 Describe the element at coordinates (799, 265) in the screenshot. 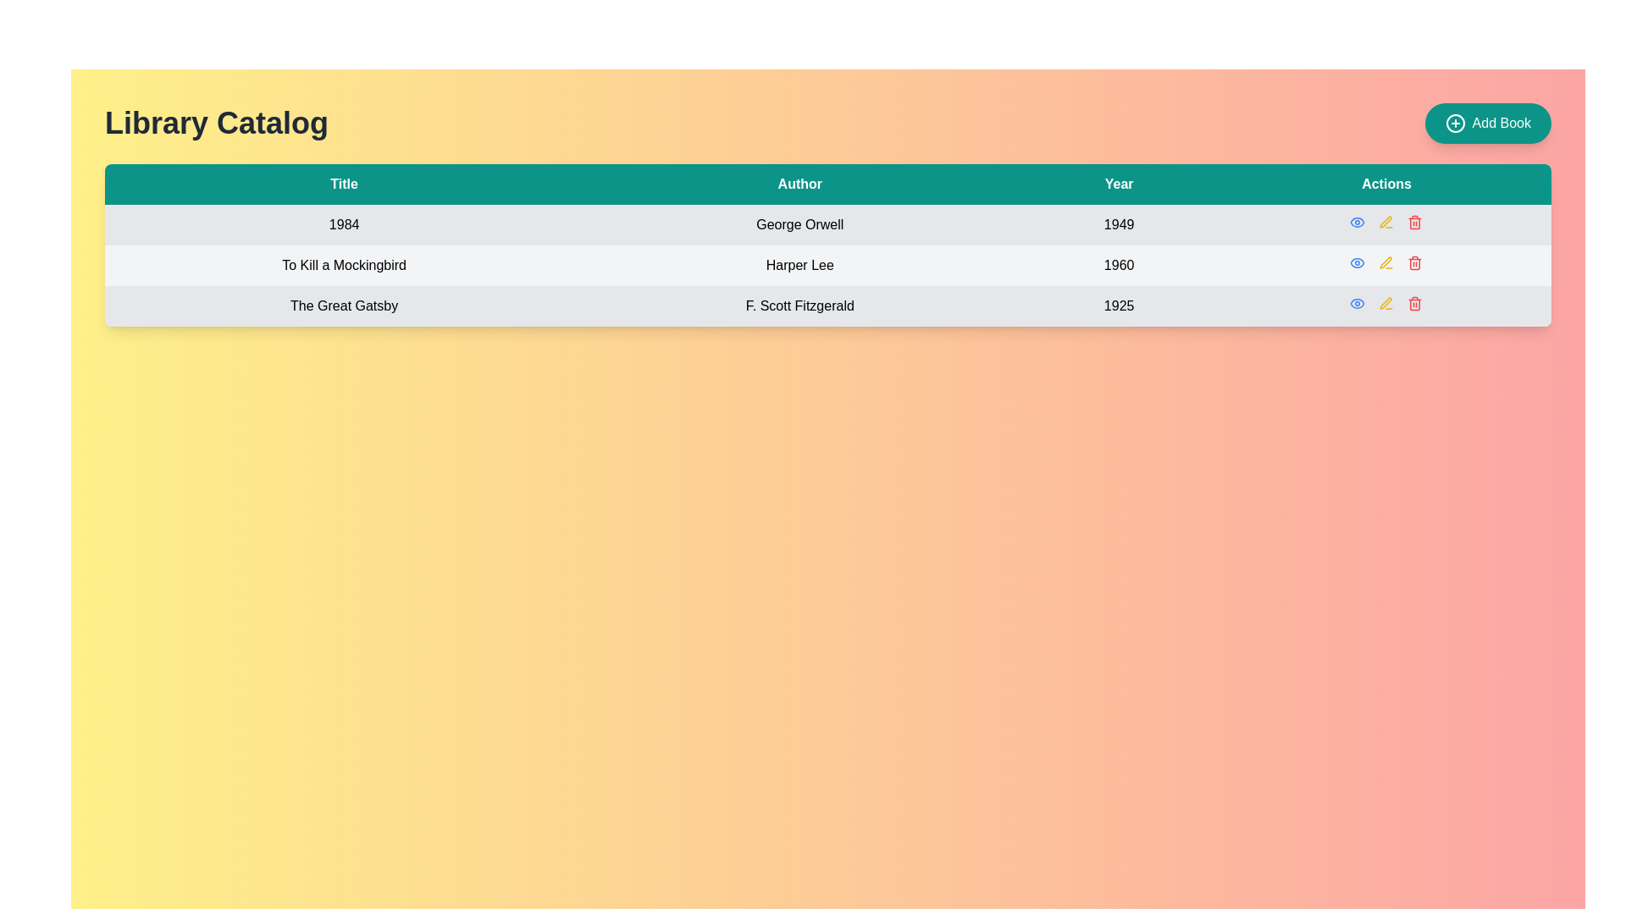

I see `text content of the 'Author' column in the second row, which displays the author's name associated with 'To Kill a Mockingbird'` at that location.